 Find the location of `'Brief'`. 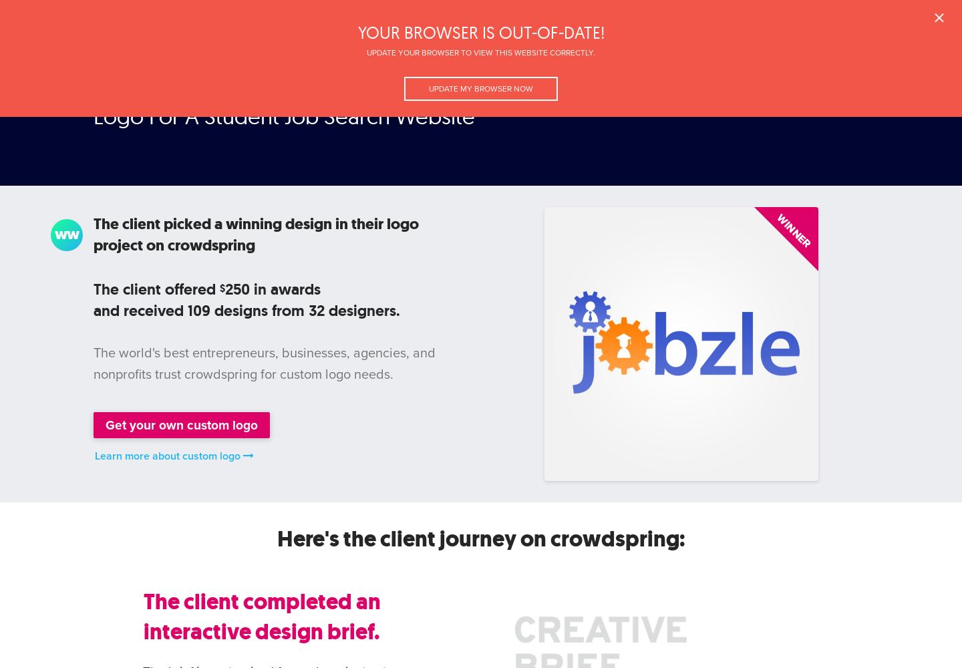

'Brief' is located at coordinates (390, 45).